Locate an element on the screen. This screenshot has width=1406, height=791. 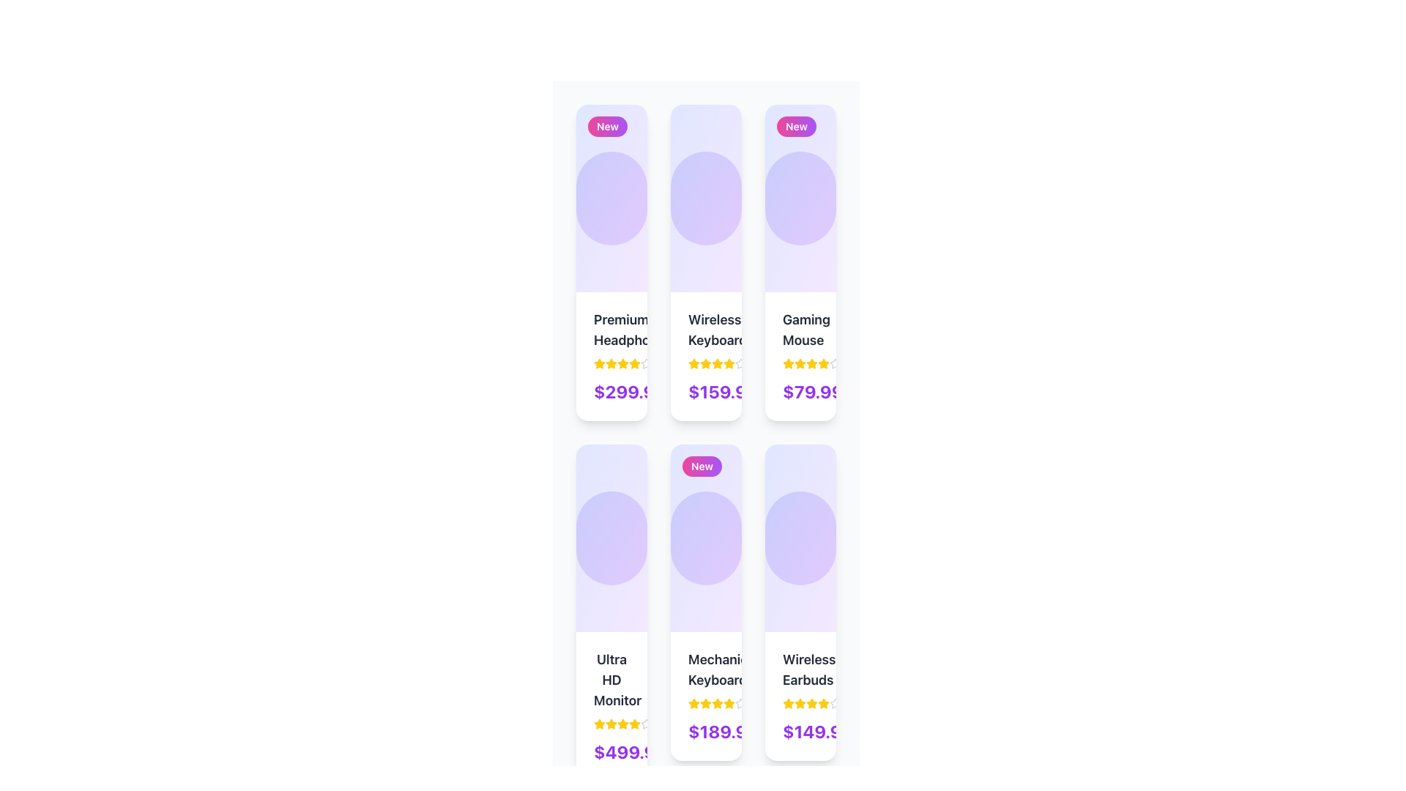
the decorative graphical element located inside the upper portion of the first card in the topmost row of the card layout is located at coordinates (611, 198).